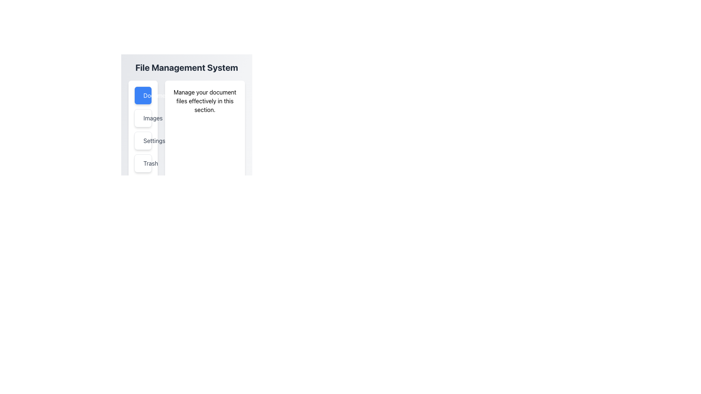 The image size is (701, 394). What do you see at coordinates (143, 140) in the screenshot?
I see `the 'Settings' button icon (gear symbol) located in the third position of the left panel` at bounding box center [143, 140].